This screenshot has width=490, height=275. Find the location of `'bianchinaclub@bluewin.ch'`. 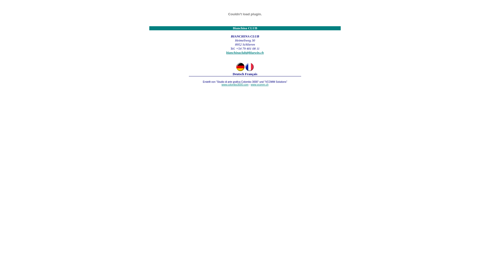

'bianchinaclub@bluewin.ch' is located at coordinates (244, 52).